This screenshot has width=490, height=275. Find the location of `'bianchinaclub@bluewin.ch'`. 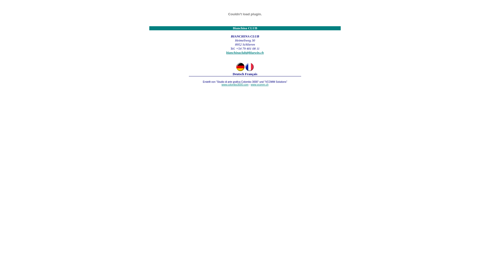

'bianchinaclub@bluewin.ch' is located at coordinates (244, 52).